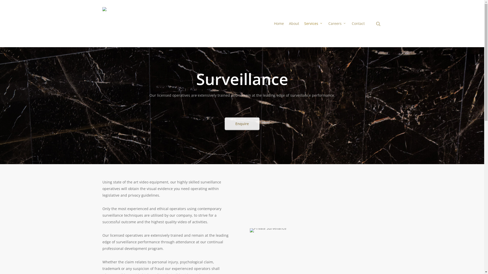  I want to click on 'Enquire', so click(224, 124).